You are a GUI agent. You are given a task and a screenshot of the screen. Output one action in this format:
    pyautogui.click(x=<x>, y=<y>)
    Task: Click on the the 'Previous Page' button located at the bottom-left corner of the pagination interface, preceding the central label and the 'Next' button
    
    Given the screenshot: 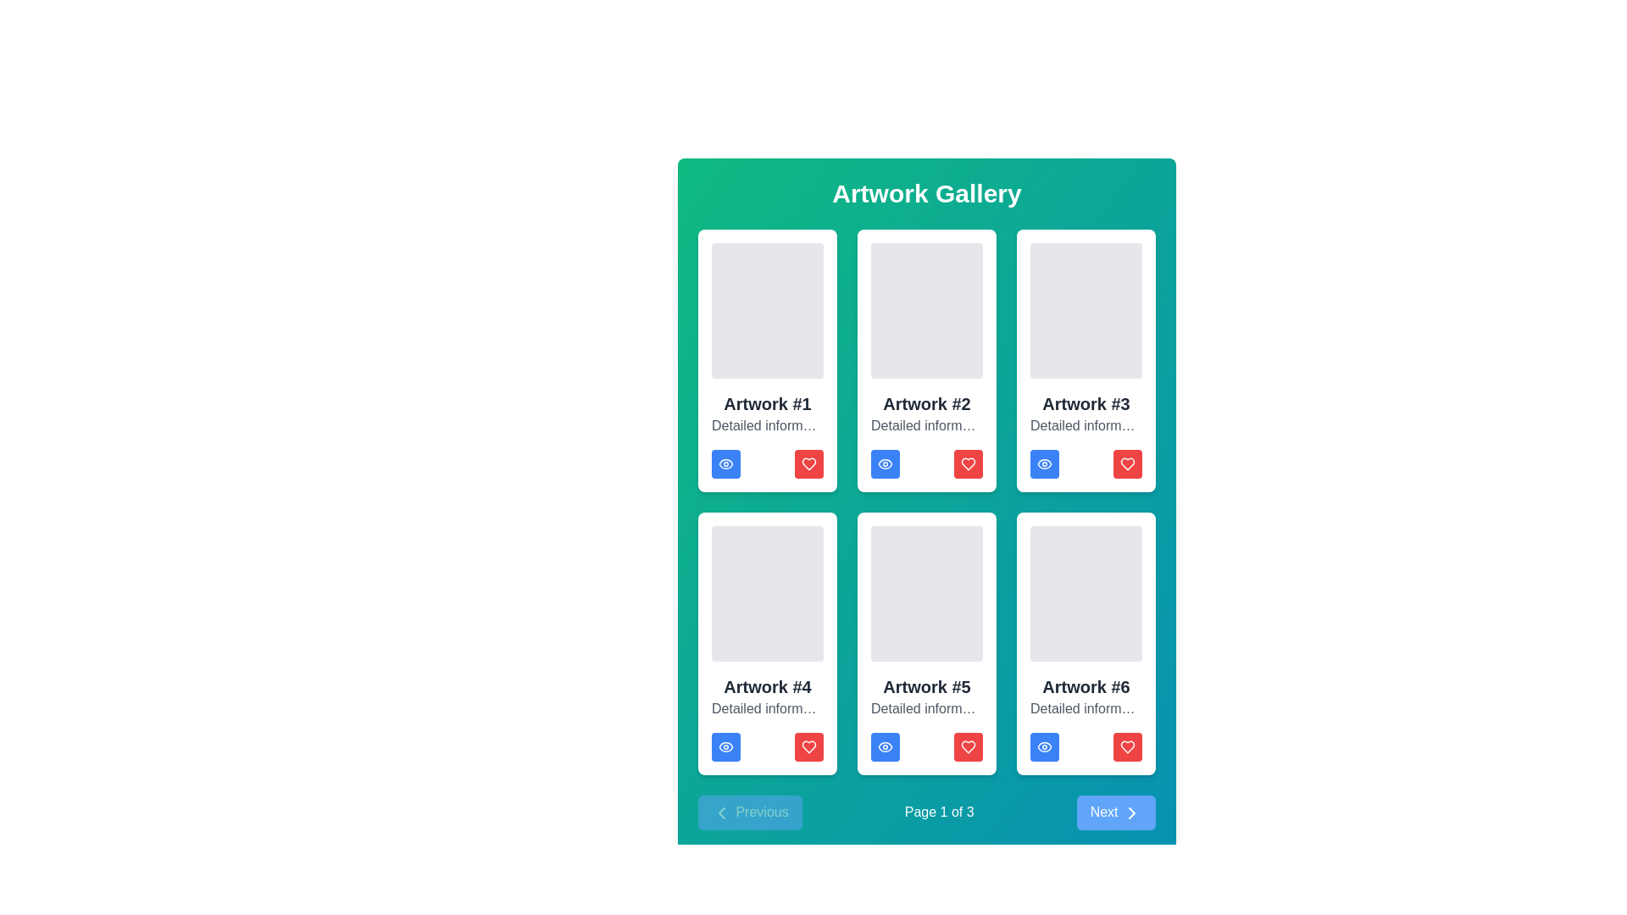 What is the action you would take?
    pyautogui.click(x=749, y=812)
    